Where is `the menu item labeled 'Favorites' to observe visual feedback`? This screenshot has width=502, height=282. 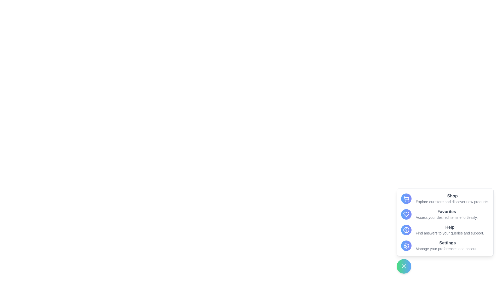
the menu item labeled 'Favorites' to observe visual feedback is located at coordinates (445, 214).